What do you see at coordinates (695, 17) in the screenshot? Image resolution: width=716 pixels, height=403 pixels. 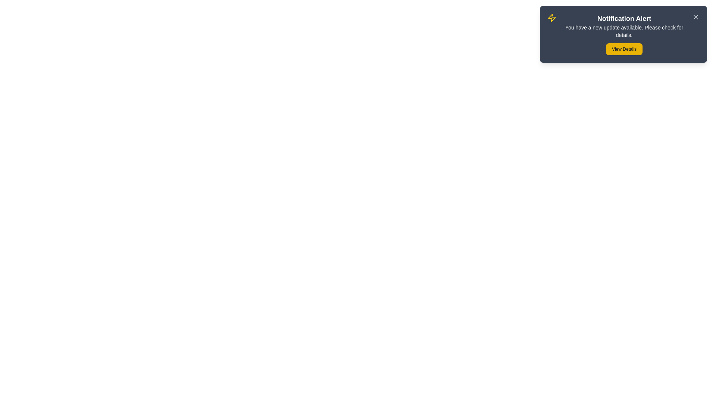 I see `the close button to observe its hover effect` at bounding box center [695, 17].